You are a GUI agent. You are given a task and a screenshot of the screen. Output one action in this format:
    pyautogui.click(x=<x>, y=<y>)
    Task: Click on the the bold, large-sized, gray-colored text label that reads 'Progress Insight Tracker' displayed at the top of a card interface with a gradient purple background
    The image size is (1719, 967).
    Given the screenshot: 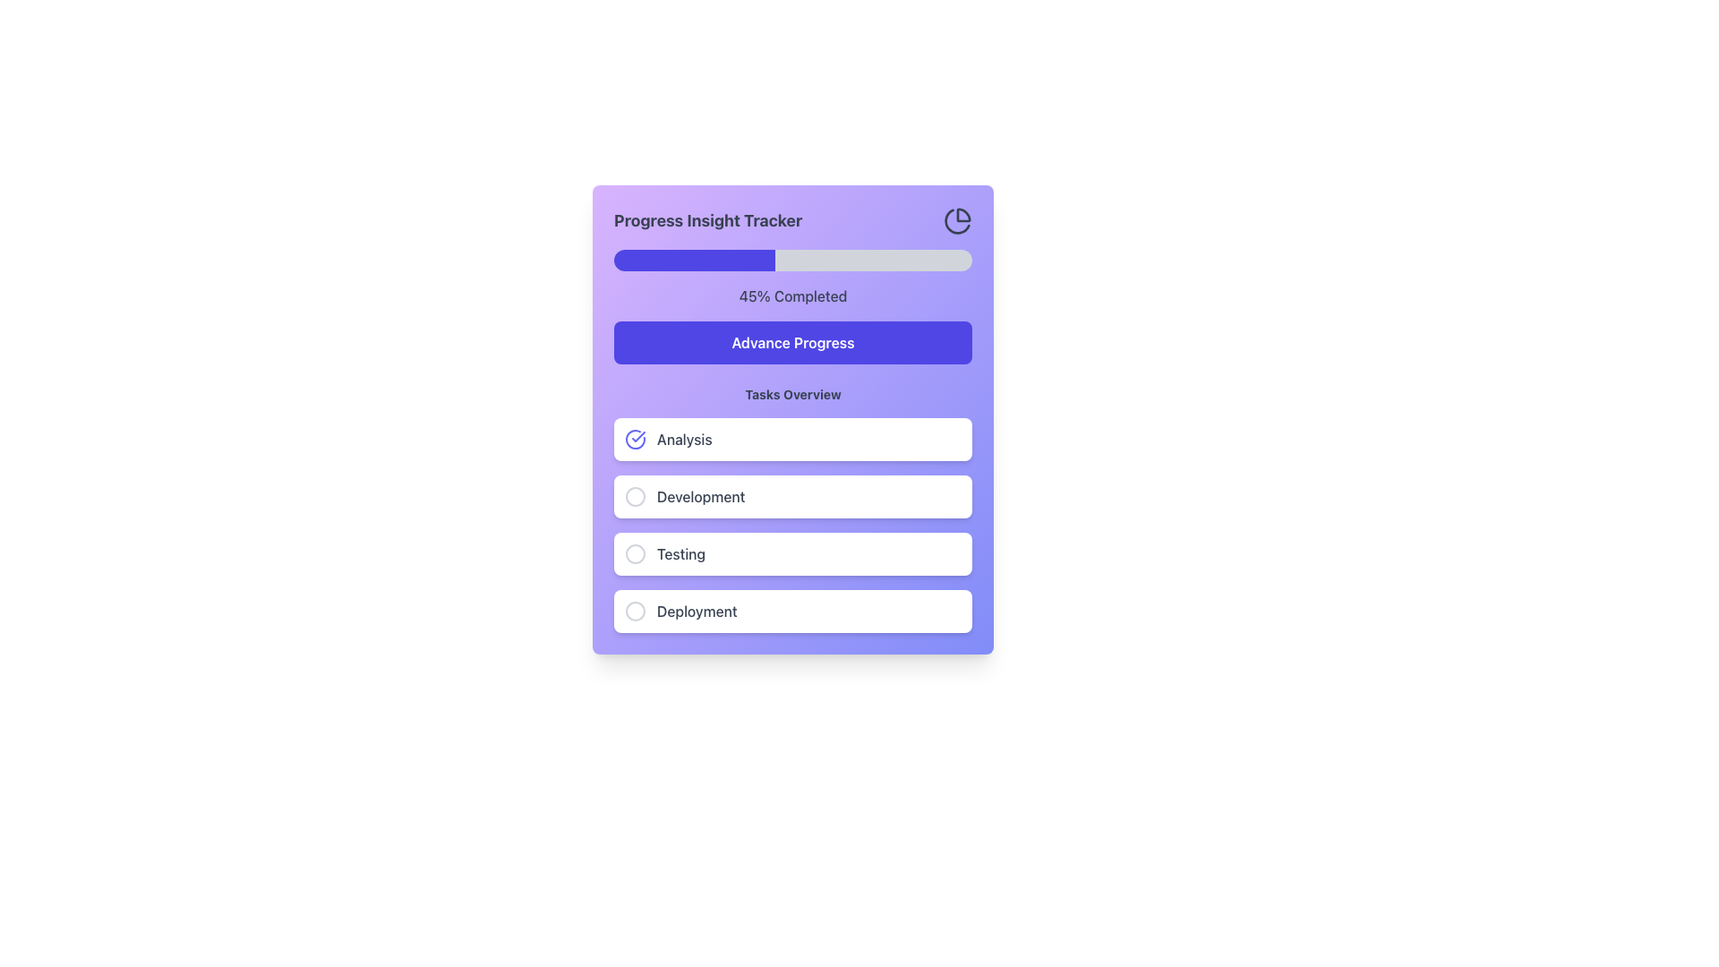 What is the action you would take?
    pyautogui.click(x=707, y=219)
    